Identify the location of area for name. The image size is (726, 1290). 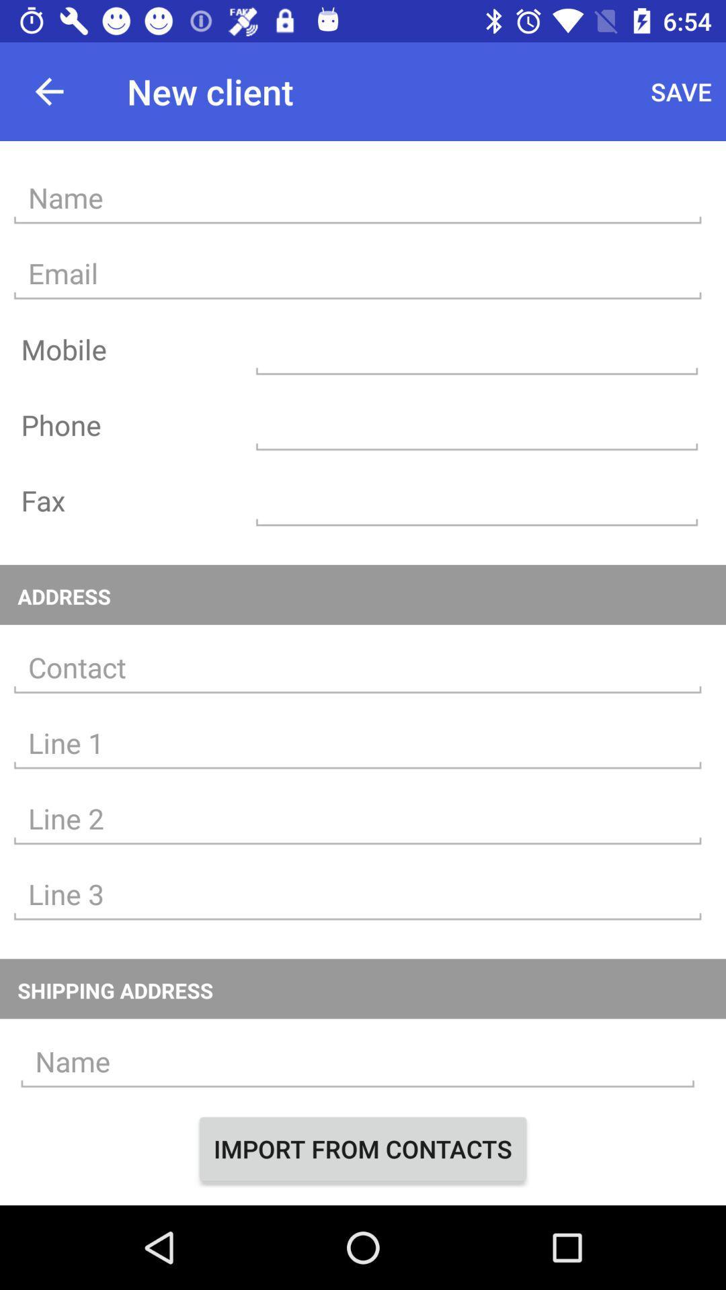
(357, 1061).